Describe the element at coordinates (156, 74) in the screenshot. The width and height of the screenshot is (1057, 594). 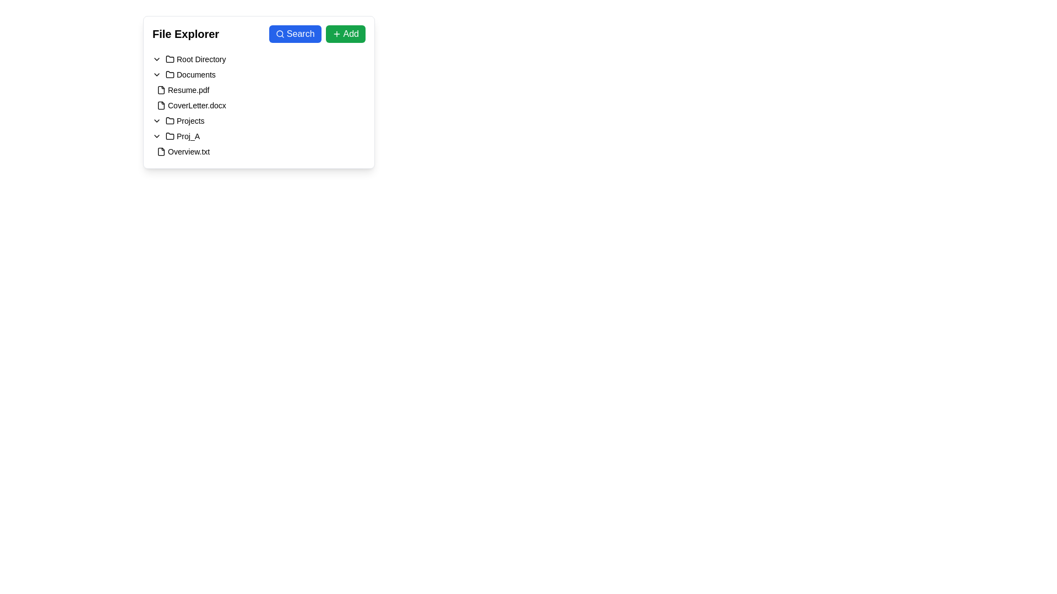
I see `the Chevron-Down icon located to the left of the 'Documents' label in the 'File Explorer' interface` at that location.